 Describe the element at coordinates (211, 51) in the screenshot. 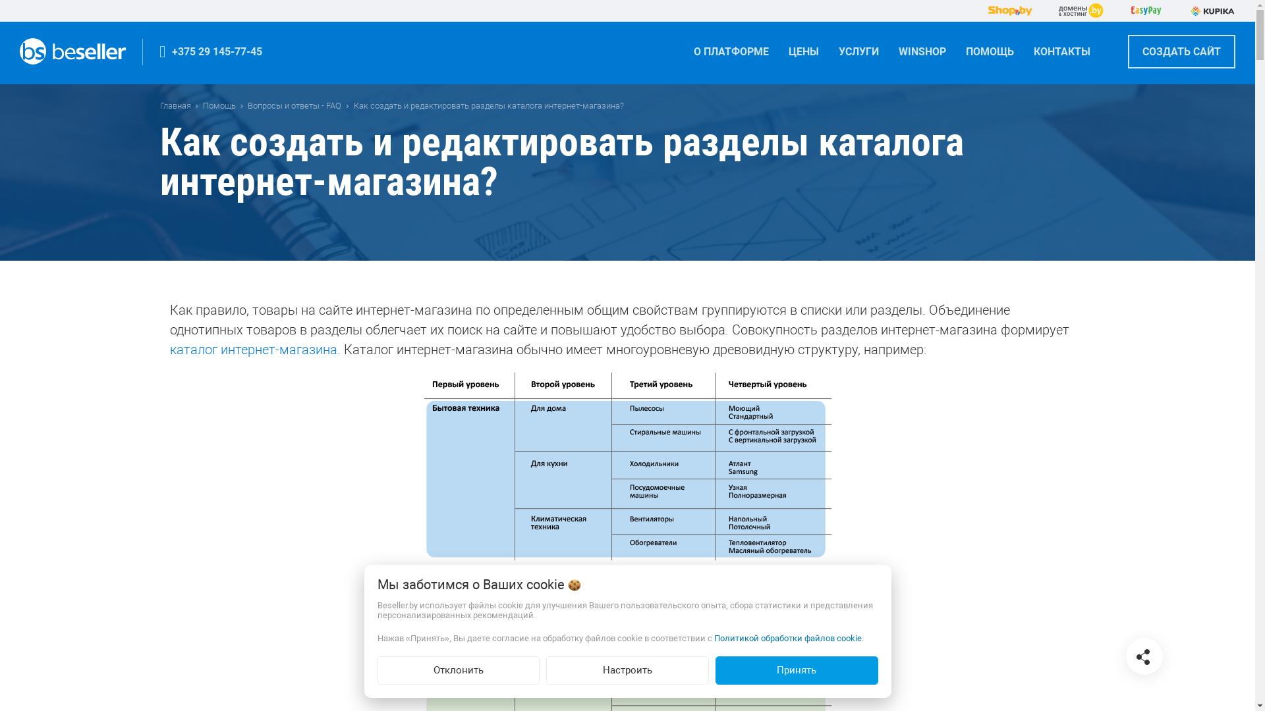

I see `'+375 29 145-77-45'` at that location.